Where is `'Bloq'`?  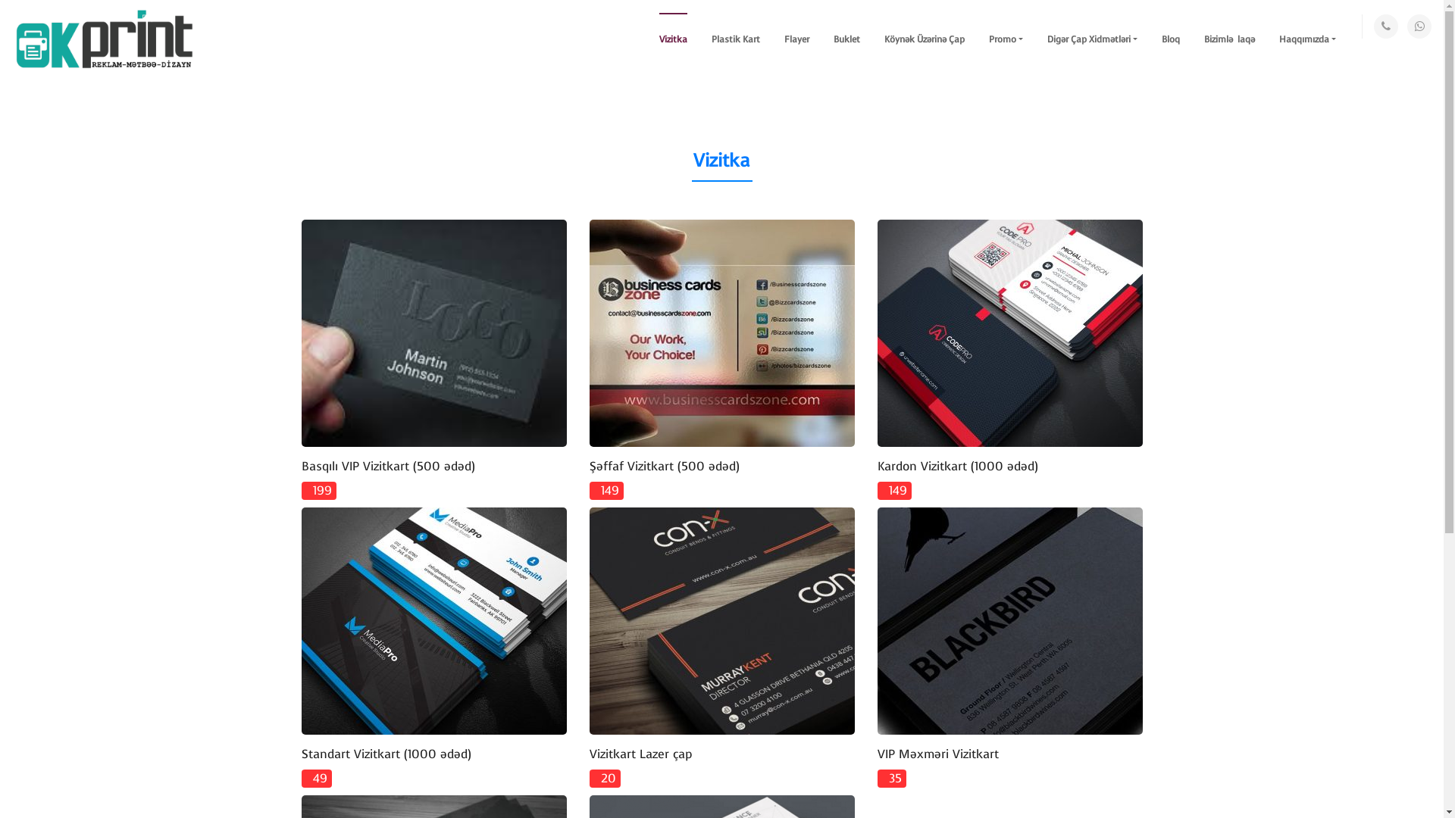 'Bloq' is located at coordinates (1160, 38).